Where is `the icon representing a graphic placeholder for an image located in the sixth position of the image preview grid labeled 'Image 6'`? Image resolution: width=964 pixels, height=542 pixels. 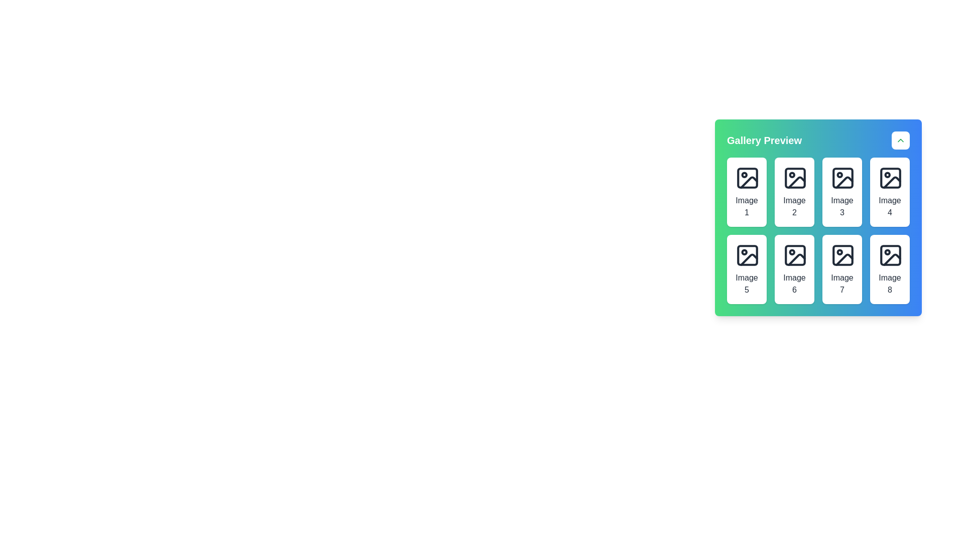
the icon representing a graphic placeholder for an image located in the sixth position of the image preview grid labeled 'Image 6' is located at coordinates (795, 255).